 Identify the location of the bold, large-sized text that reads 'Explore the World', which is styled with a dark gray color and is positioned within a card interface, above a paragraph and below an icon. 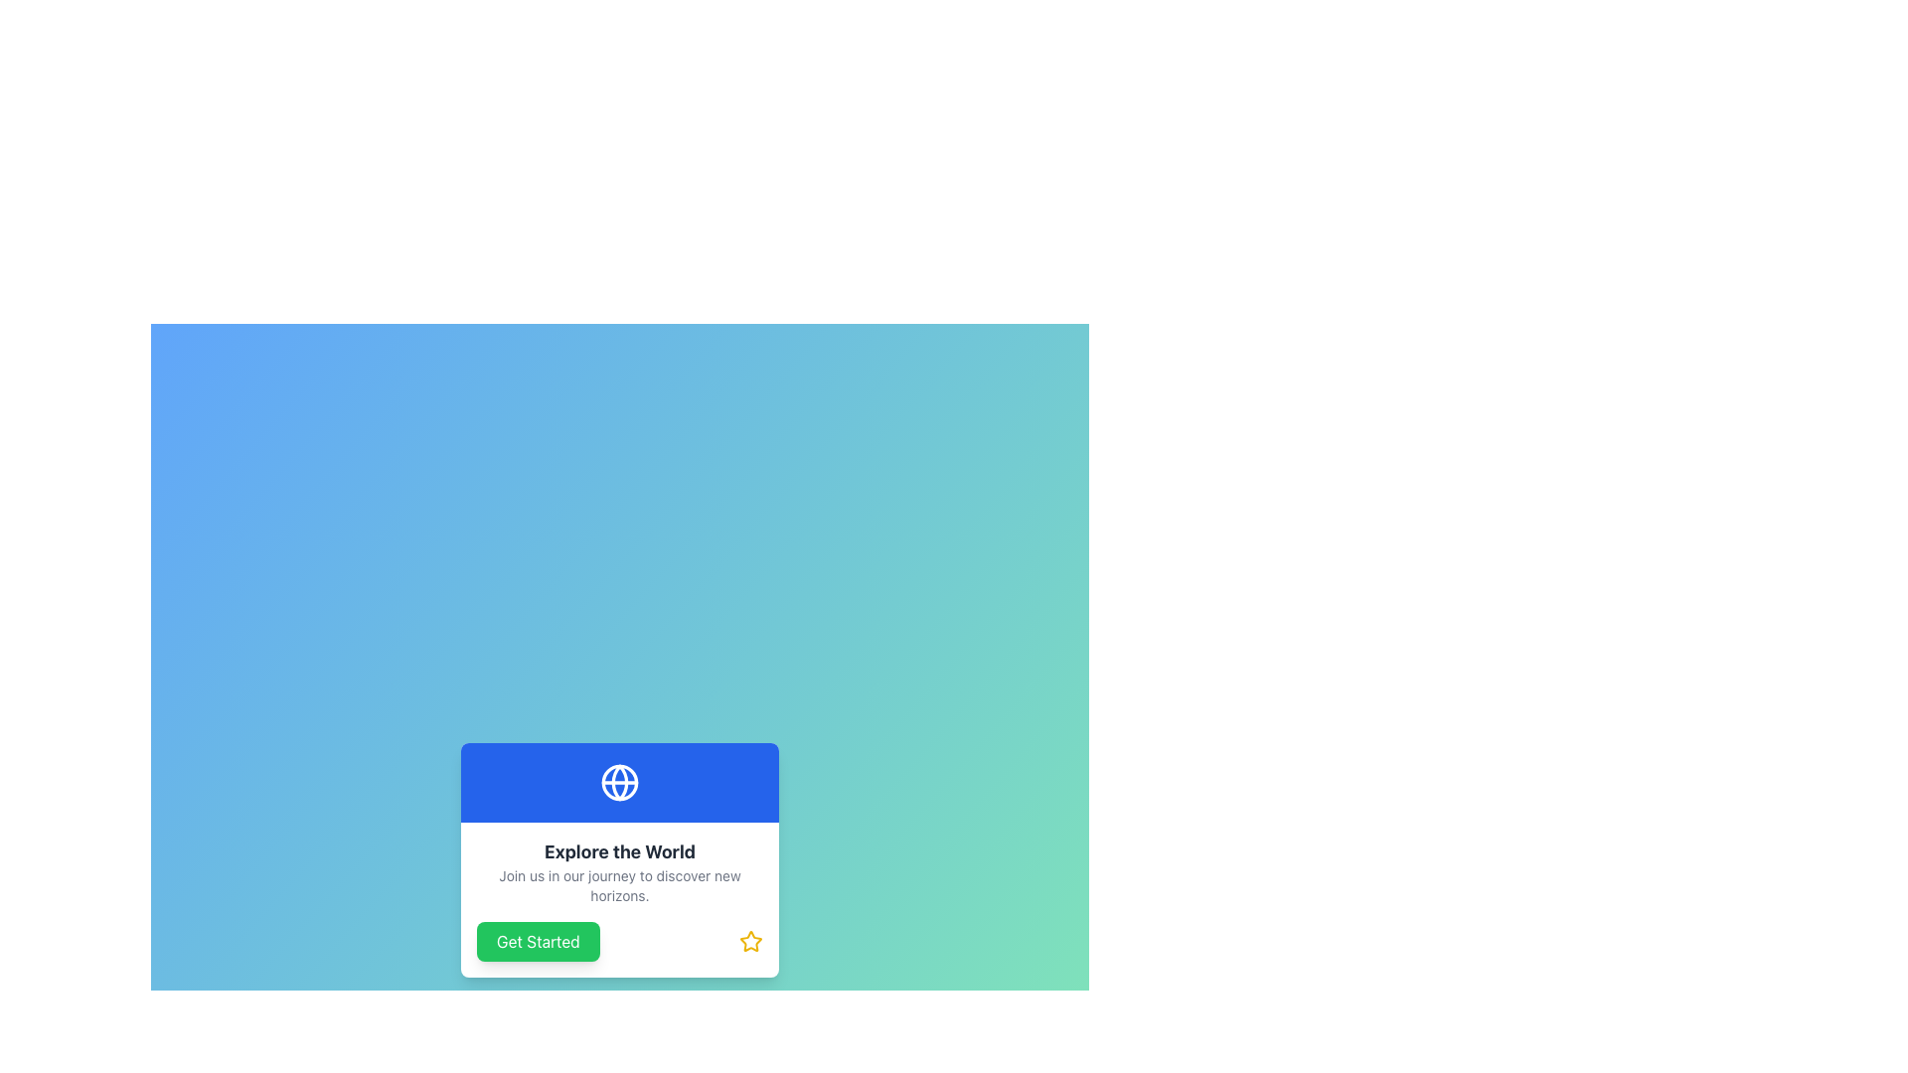
(619, 850).